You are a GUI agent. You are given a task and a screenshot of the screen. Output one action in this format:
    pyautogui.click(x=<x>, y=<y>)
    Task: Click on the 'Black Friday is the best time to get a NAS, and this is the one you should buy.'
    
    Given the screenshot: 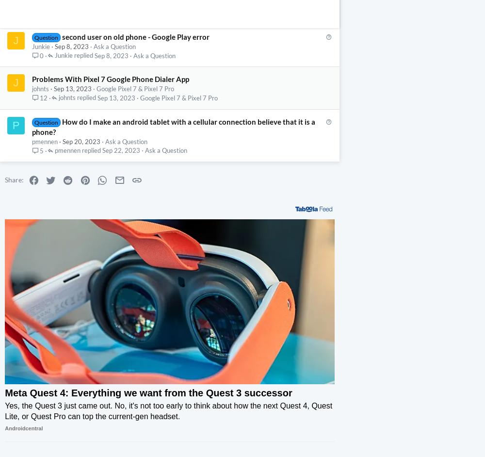 What is the action you would take?
    pyautogui.click(x=121, y=400)
    